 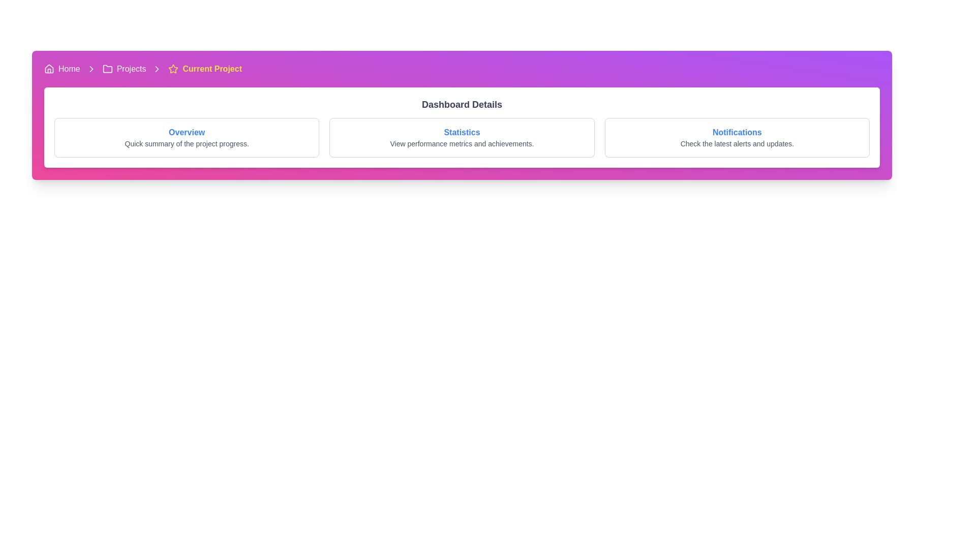 What do you see at coordinates (48, 69) in the screenshot?
I see `the 'Home' icon in the navigation header, which serves as a visual cue for breadcrumb navigation` at bounding box center [48, 69].